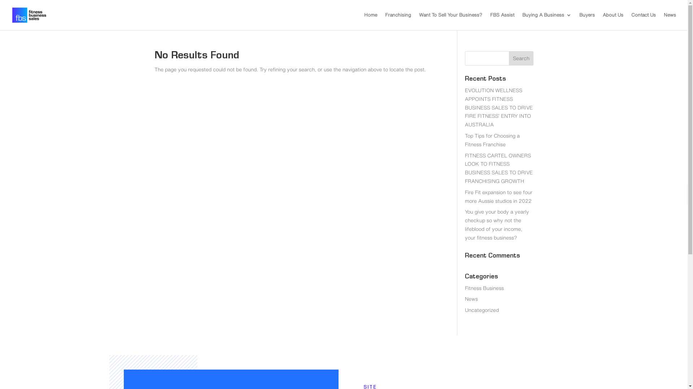 Image resolution: width=693 pixels, height=389 pixels. I want to click on 'Fitness Business', so click(484, 287).